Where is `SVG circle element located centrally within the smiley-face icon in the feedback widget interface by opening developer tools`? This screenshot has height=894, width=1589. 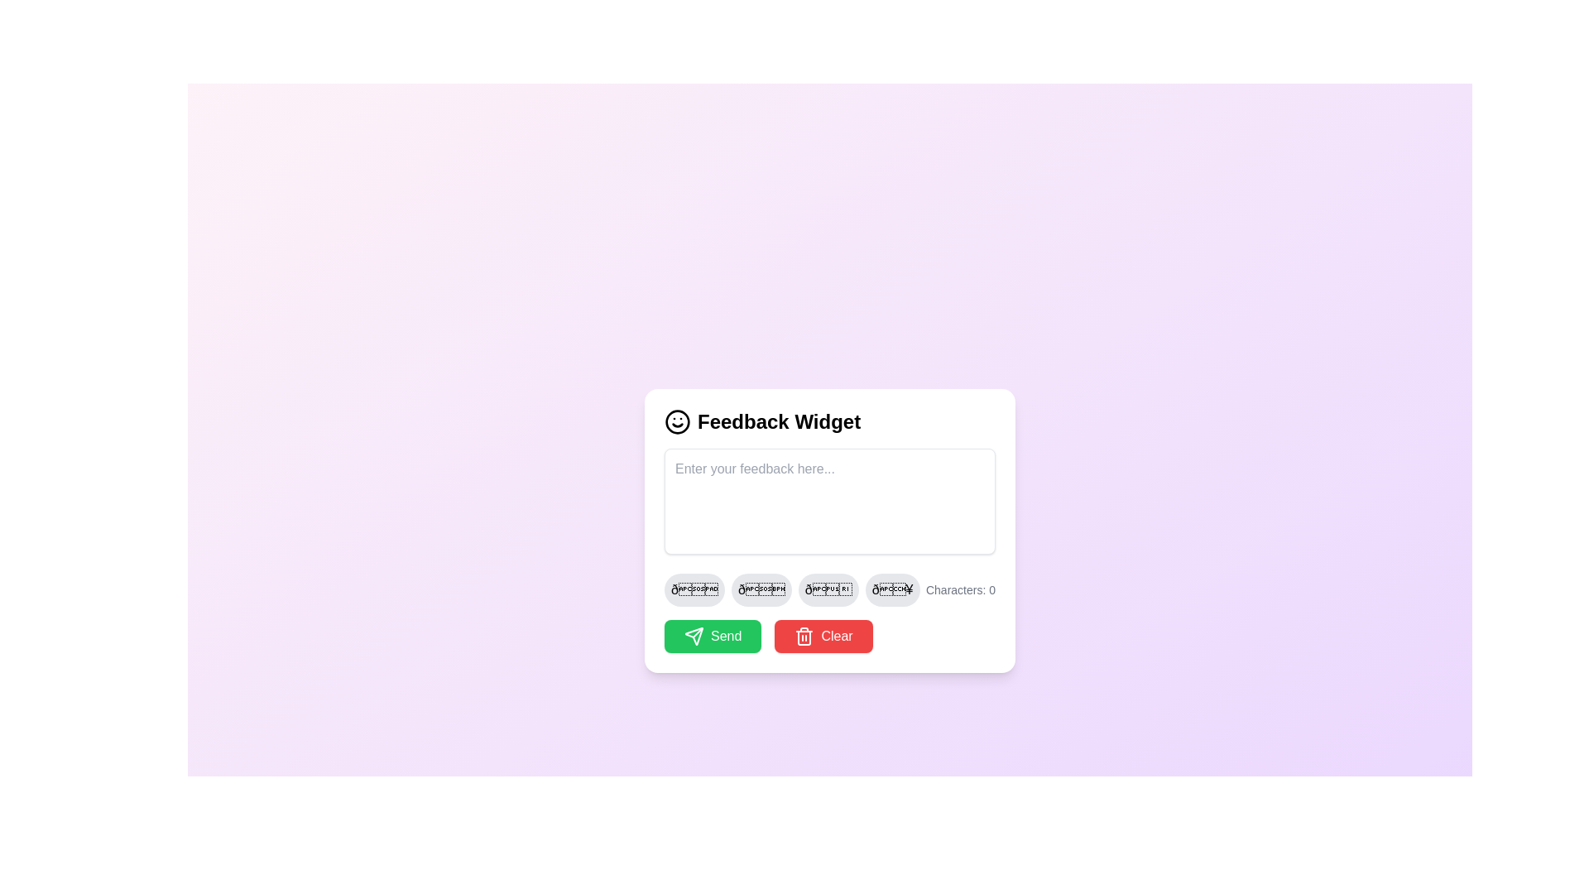
SVG circle element located centrally within the smiley-face icon in the feedback widget interface by opening developer tools is located at coordinates (678, 421).